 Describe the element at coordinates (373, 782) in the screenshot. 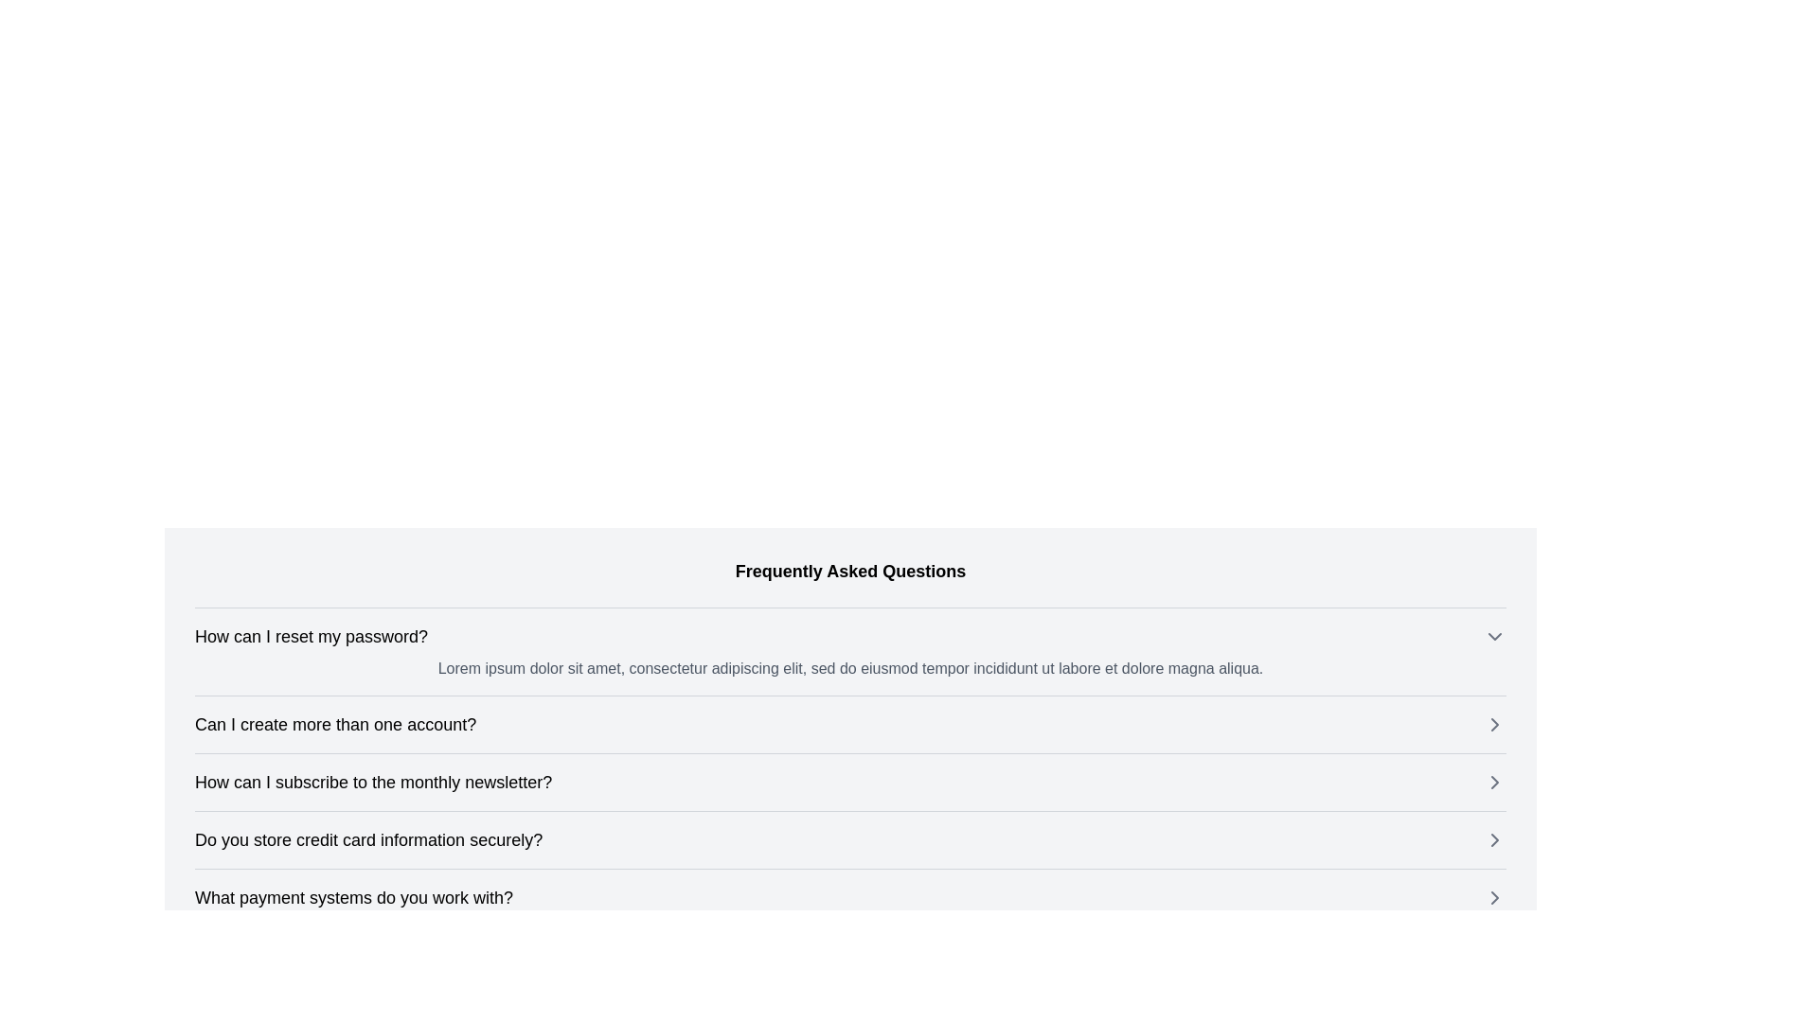

I see `the Text Label in the third row of the FAQ section that represents a question and prompts user interaction` at that location.